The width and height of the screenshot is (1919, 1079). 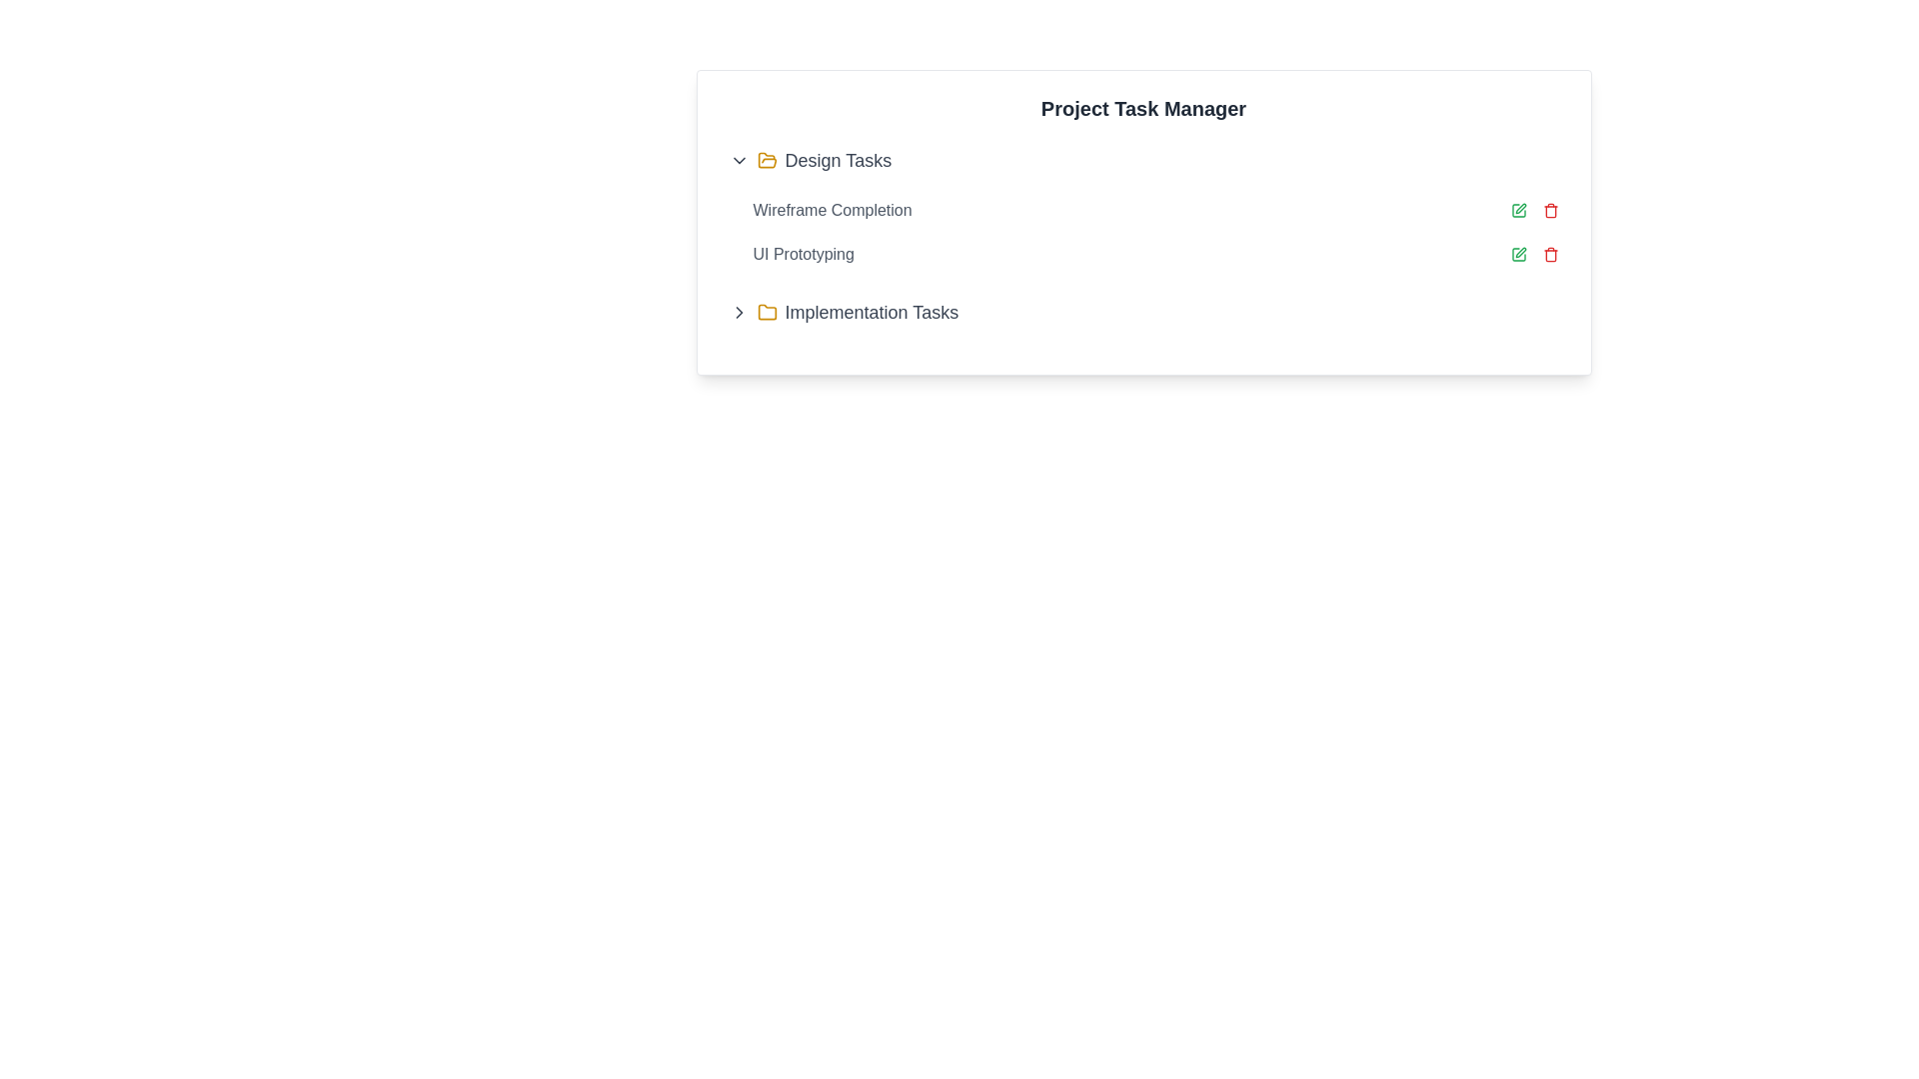 I want to click on the Text Label representing a task within the 'Design Tasks' section of the project management application, so click(x=833, y=211).